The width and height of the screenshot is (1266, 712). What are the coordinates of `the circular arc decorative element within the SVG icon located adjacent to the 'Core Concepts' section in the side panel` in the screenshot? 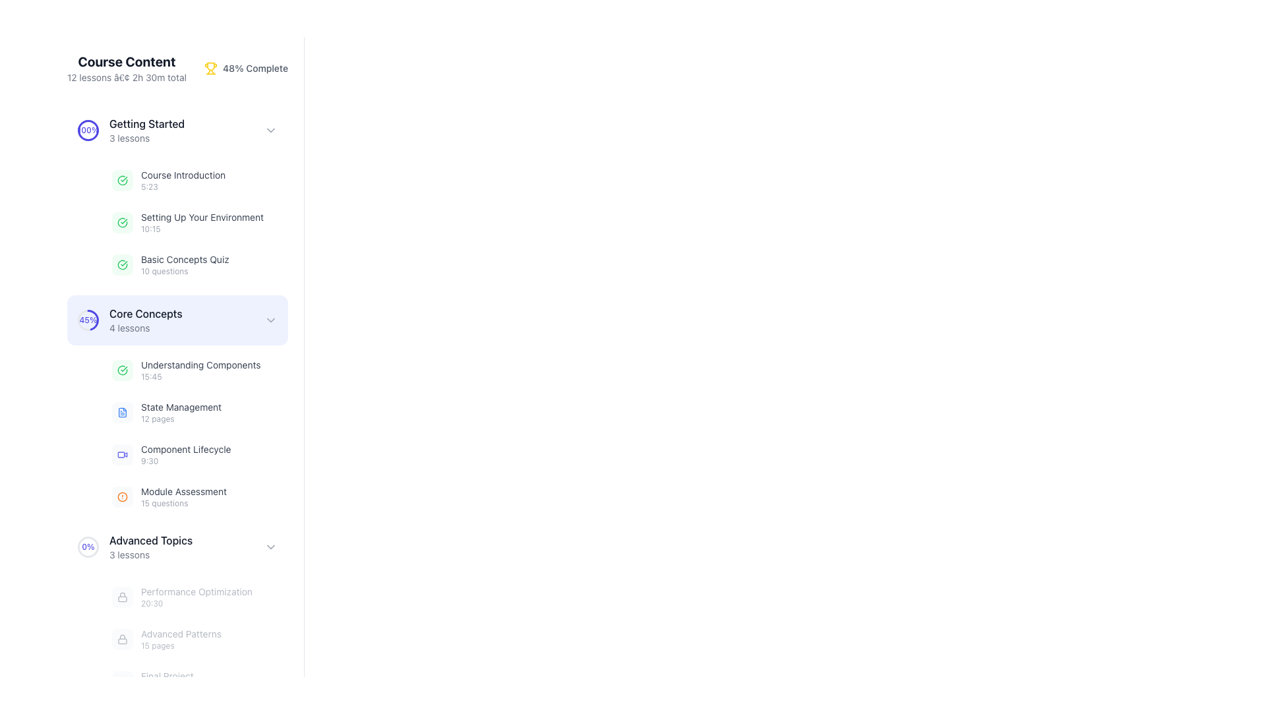 It's located at (123, 264).